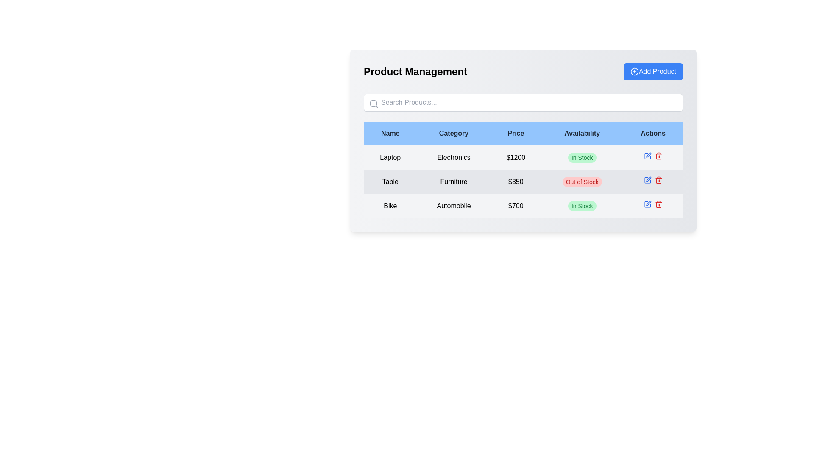 The height and width of the screenshot is (458, 814). What do you see at coordinates (582, 157) in the screenshot?
I see `the availability status label for the 'Laptop' product located in the first row of the table` at bounding box center [582, 157].